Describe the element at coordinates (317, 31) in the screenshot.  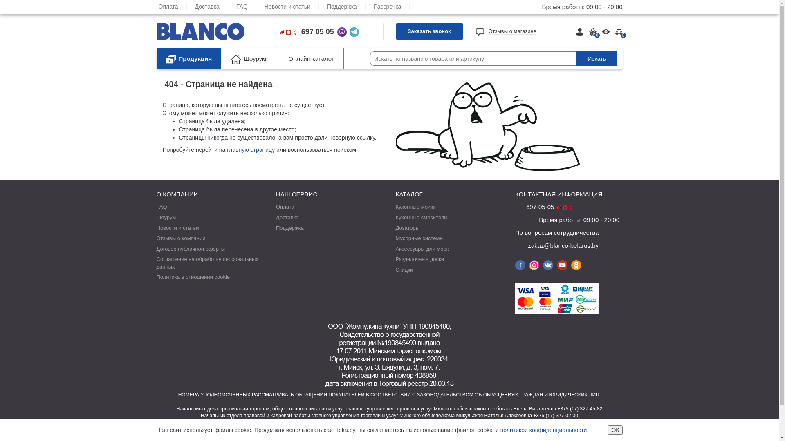
I see `'697 05 05'` at that location.